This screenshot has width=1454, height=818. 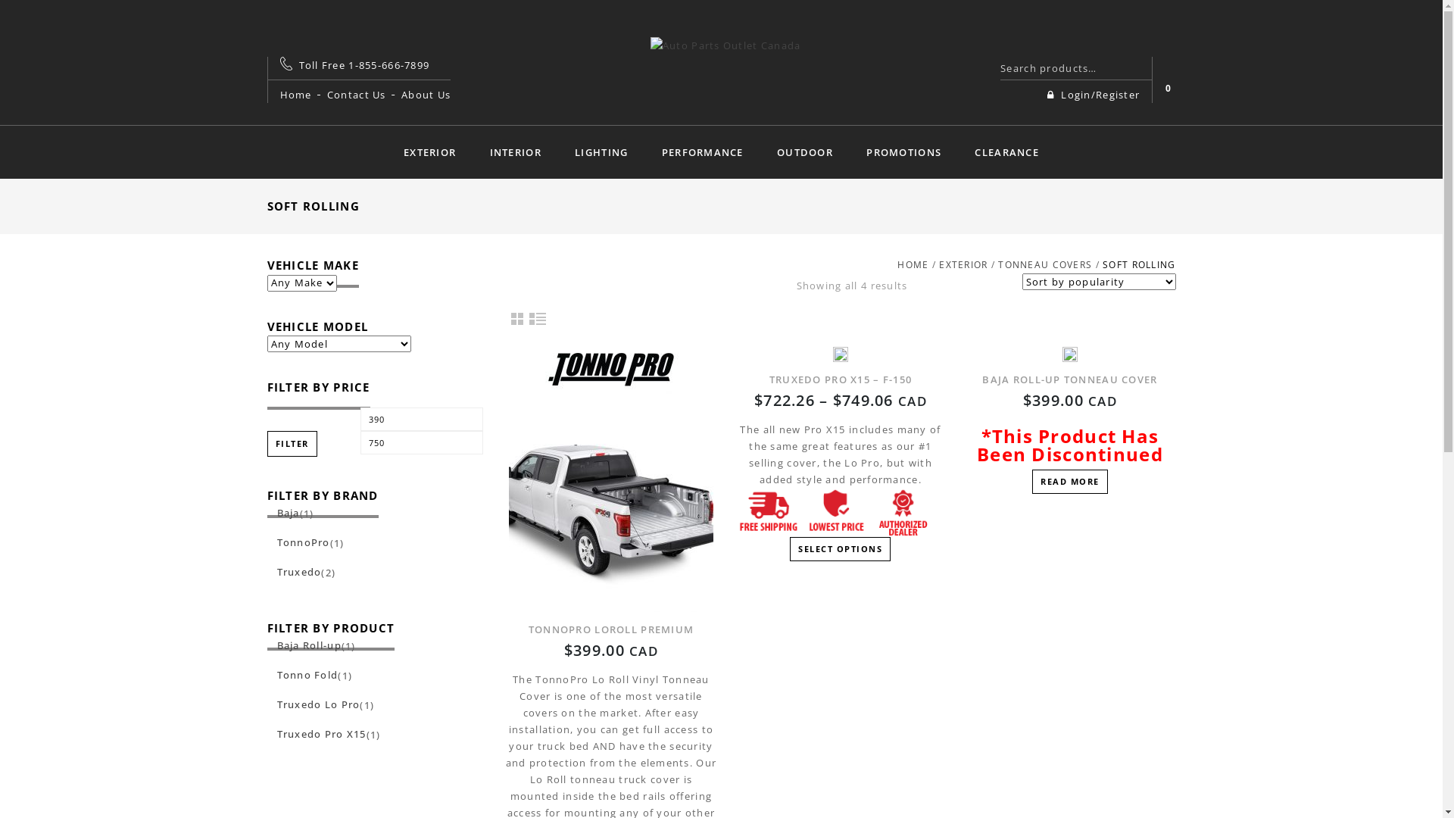 What do you see at coordinates (1006, 151) in the screenshot?
I see `'CLEARANCE'` at bounding box center [1006, 151].